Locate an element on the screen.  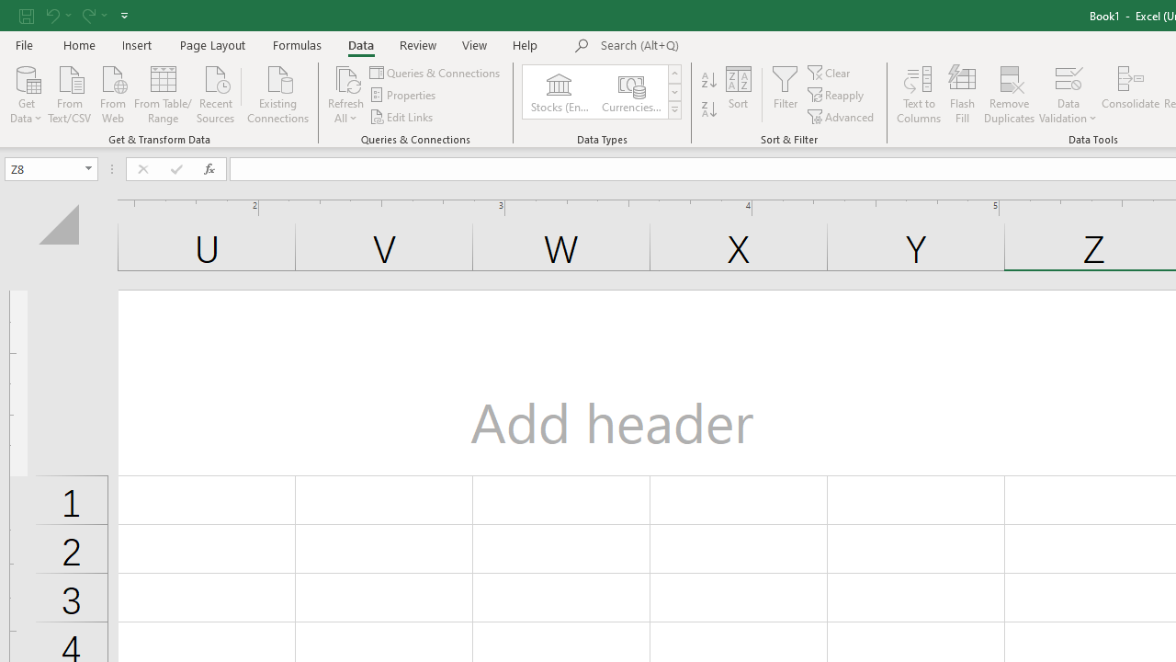
'Data' is located at coordinates (360, 44).